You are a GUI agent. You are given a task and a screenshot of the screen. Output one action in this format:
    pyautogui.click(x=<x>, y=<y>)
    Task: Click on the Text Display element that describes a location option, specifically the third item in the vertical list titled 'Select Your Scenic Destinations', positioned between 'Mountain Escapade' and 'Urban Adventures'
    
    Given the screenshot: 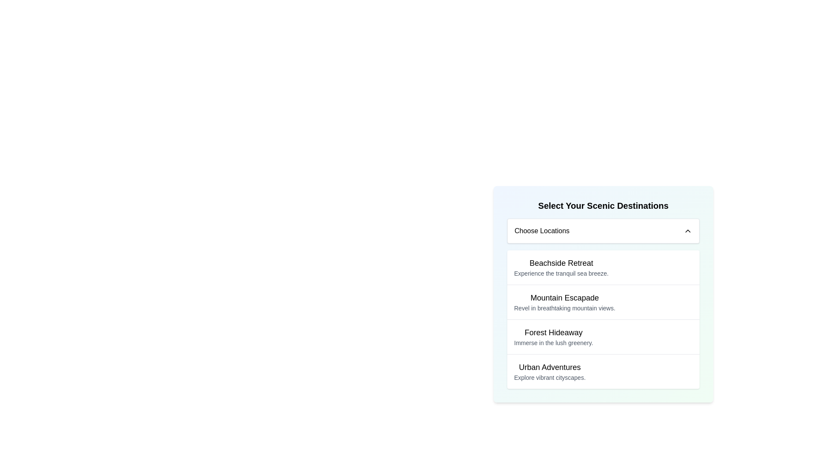 What is the action you would take?
    pyautogui.click(x=554, y=337)
    